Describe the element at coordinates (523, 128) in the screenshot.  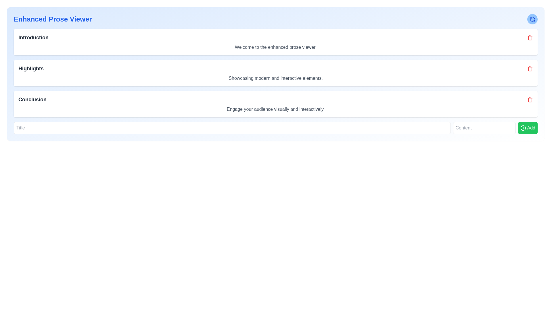
I see `the plus icon within the green 'Add' button located at the bottom-right corner of the interface` at that location.